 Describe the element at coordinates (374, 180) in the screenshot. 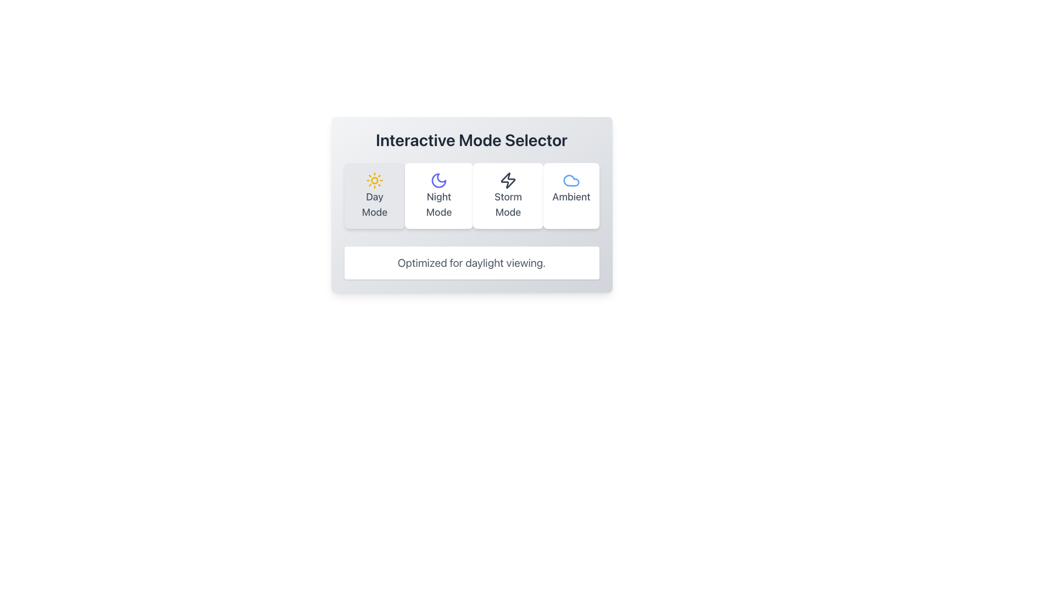

I see `the bright yellow sun icon located within the 'Day Mode' card of the 'Interactive Mode Selector'` at that location.